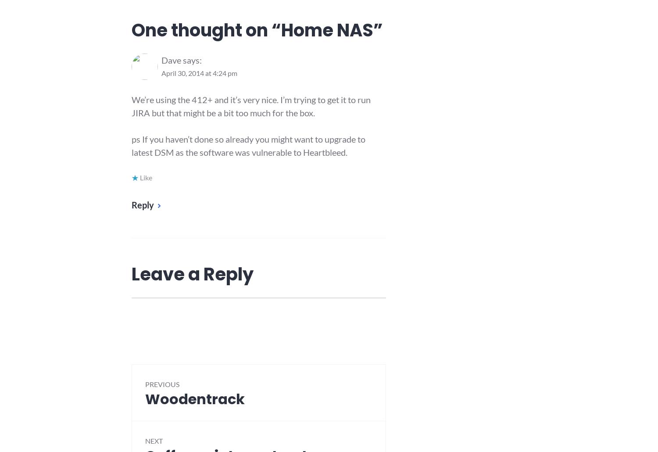 This screenshot has width=658, height=452. Describe the element at coordinates (206, 30) in the screenshot. I see `'One thought on “'` at that location.